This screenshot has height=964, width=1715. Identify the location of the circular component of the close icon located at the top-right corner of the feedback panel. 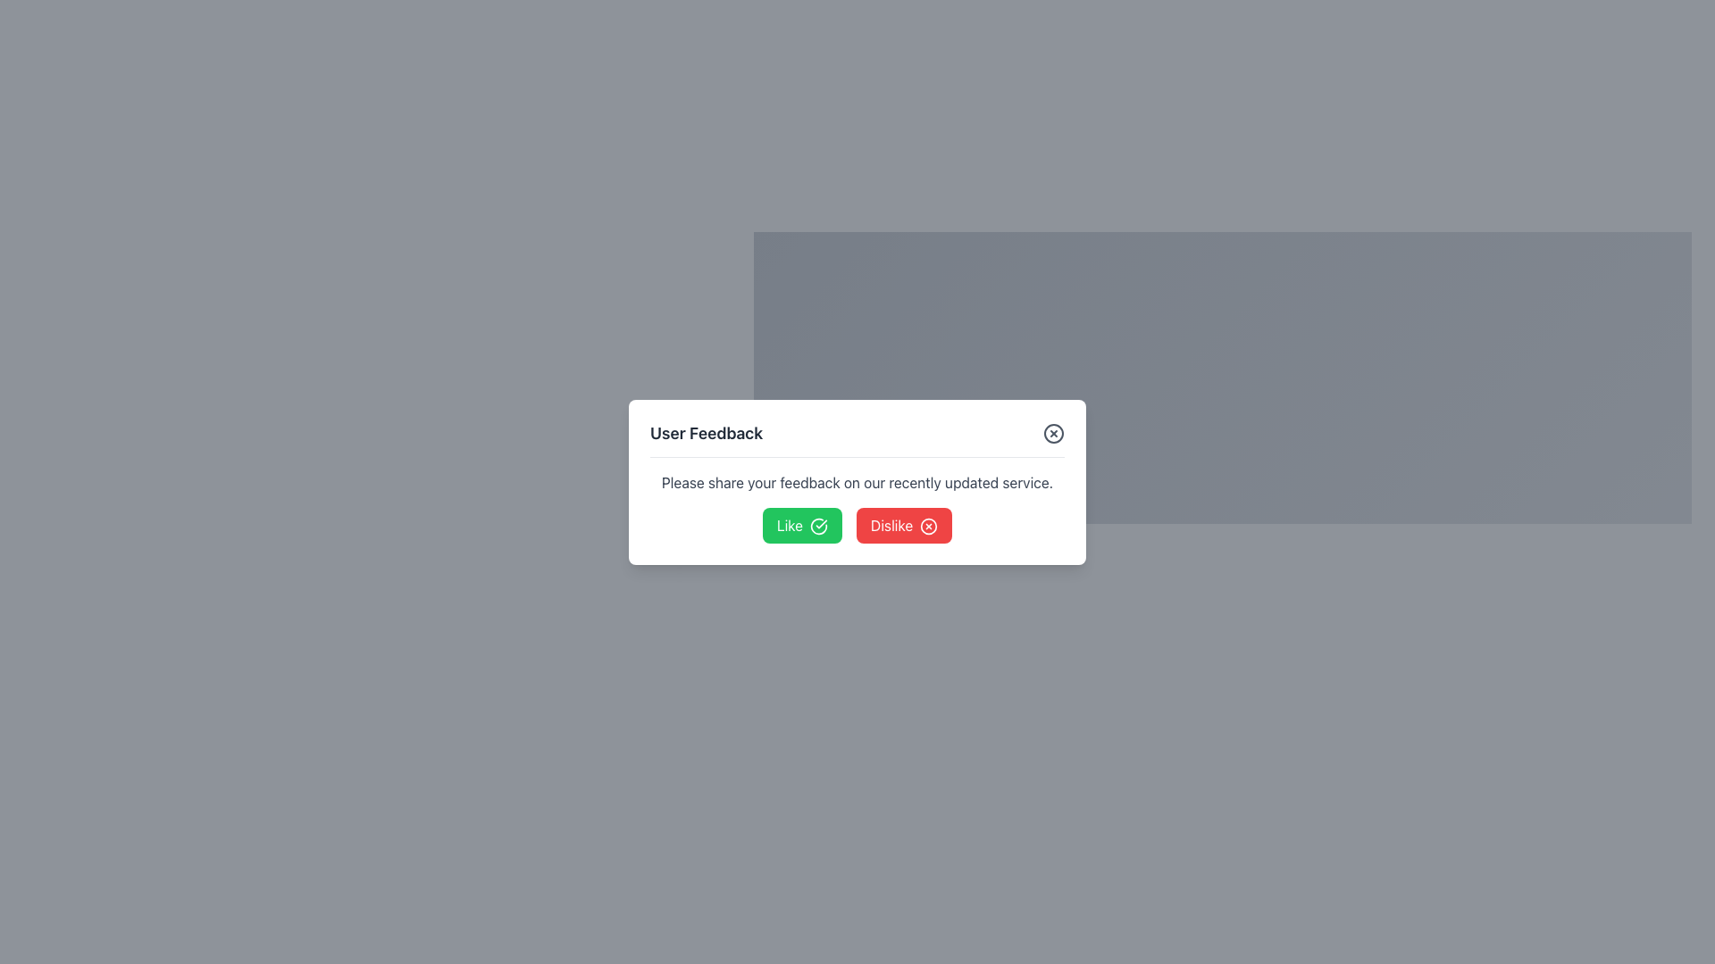
(929, 526).